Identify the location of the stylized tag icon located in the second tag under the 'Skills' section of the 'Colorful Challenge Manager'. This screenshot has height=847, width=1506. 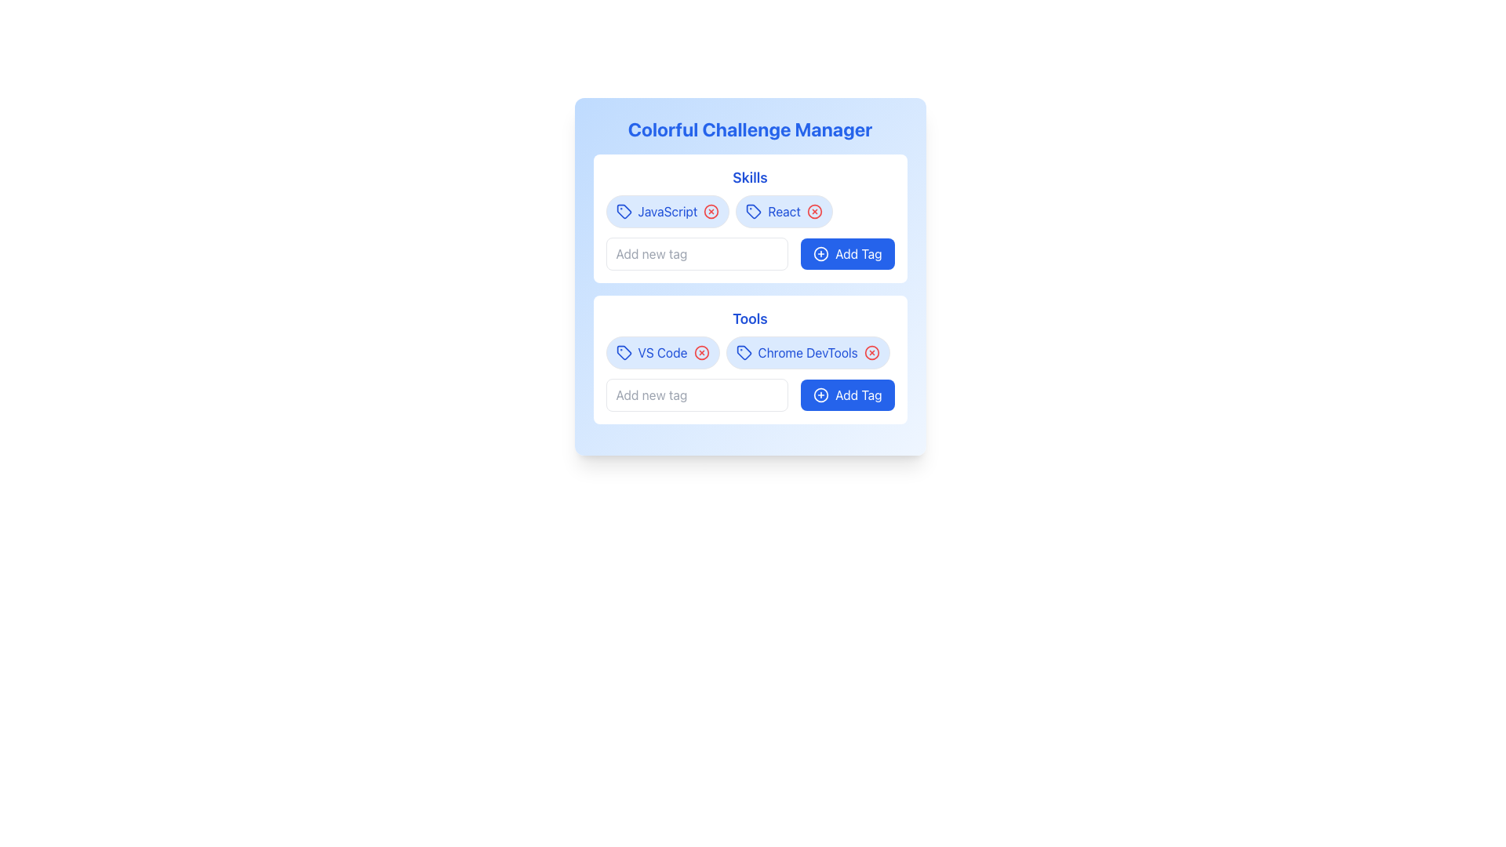
(754, 212).